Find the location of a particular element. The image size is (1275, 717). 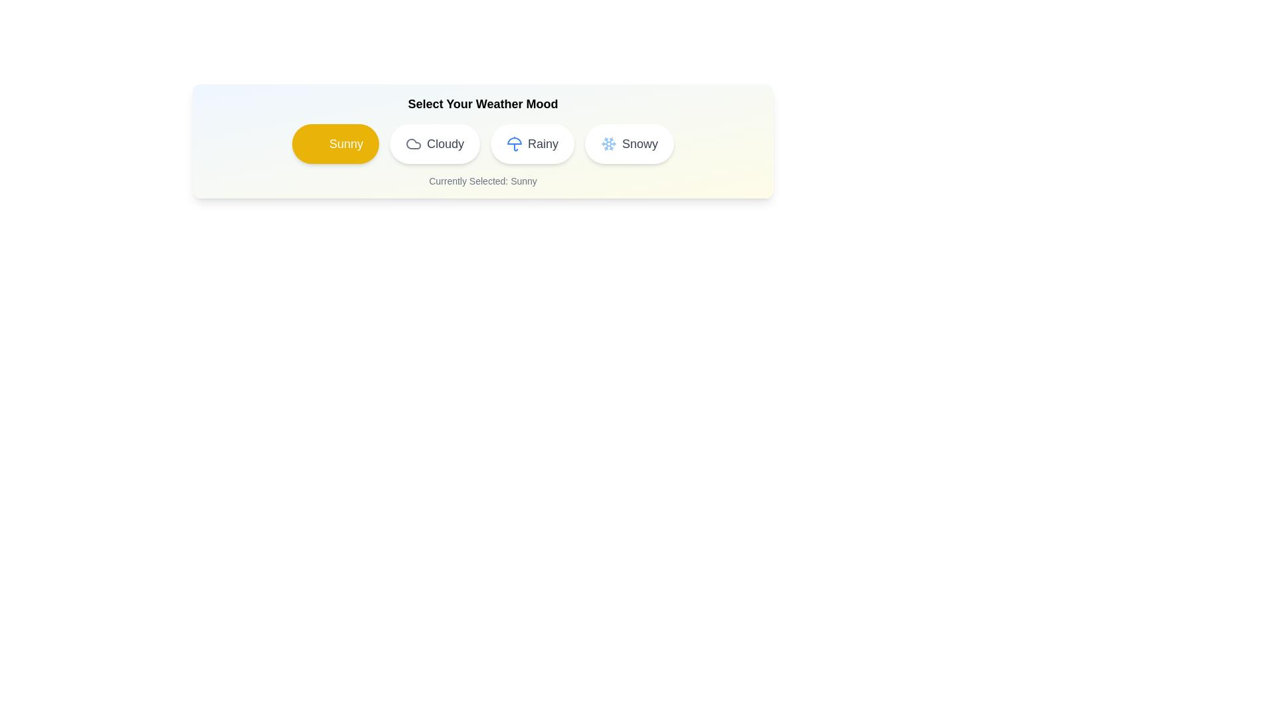

the weather option Snowy by clicking on its chip is located at coordinates (629, 143).